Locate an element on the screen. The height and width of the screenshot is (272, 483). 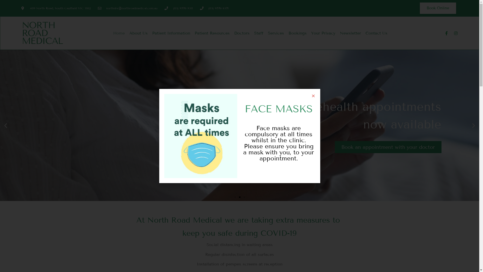
'Home' is located at coordinates (119, 33).